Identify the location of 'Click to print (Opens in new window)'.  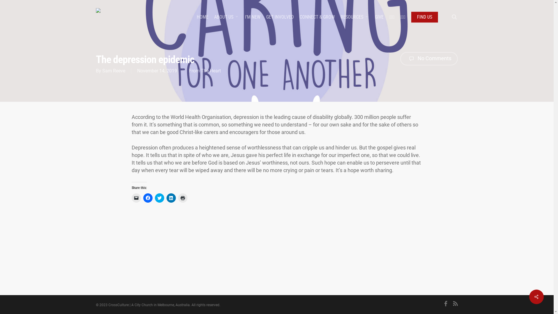
(182, 198).